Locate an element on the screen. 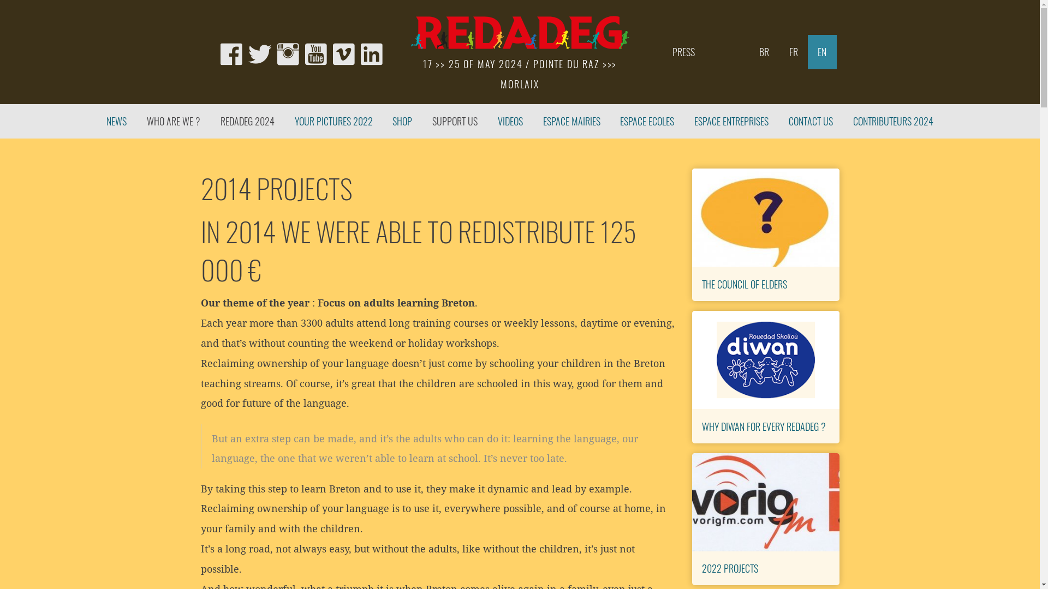 Image resolution: width=1048 pixels, height=589 pixels. 'ESPACE MAIRIES' is located at coordinates (570, 121).